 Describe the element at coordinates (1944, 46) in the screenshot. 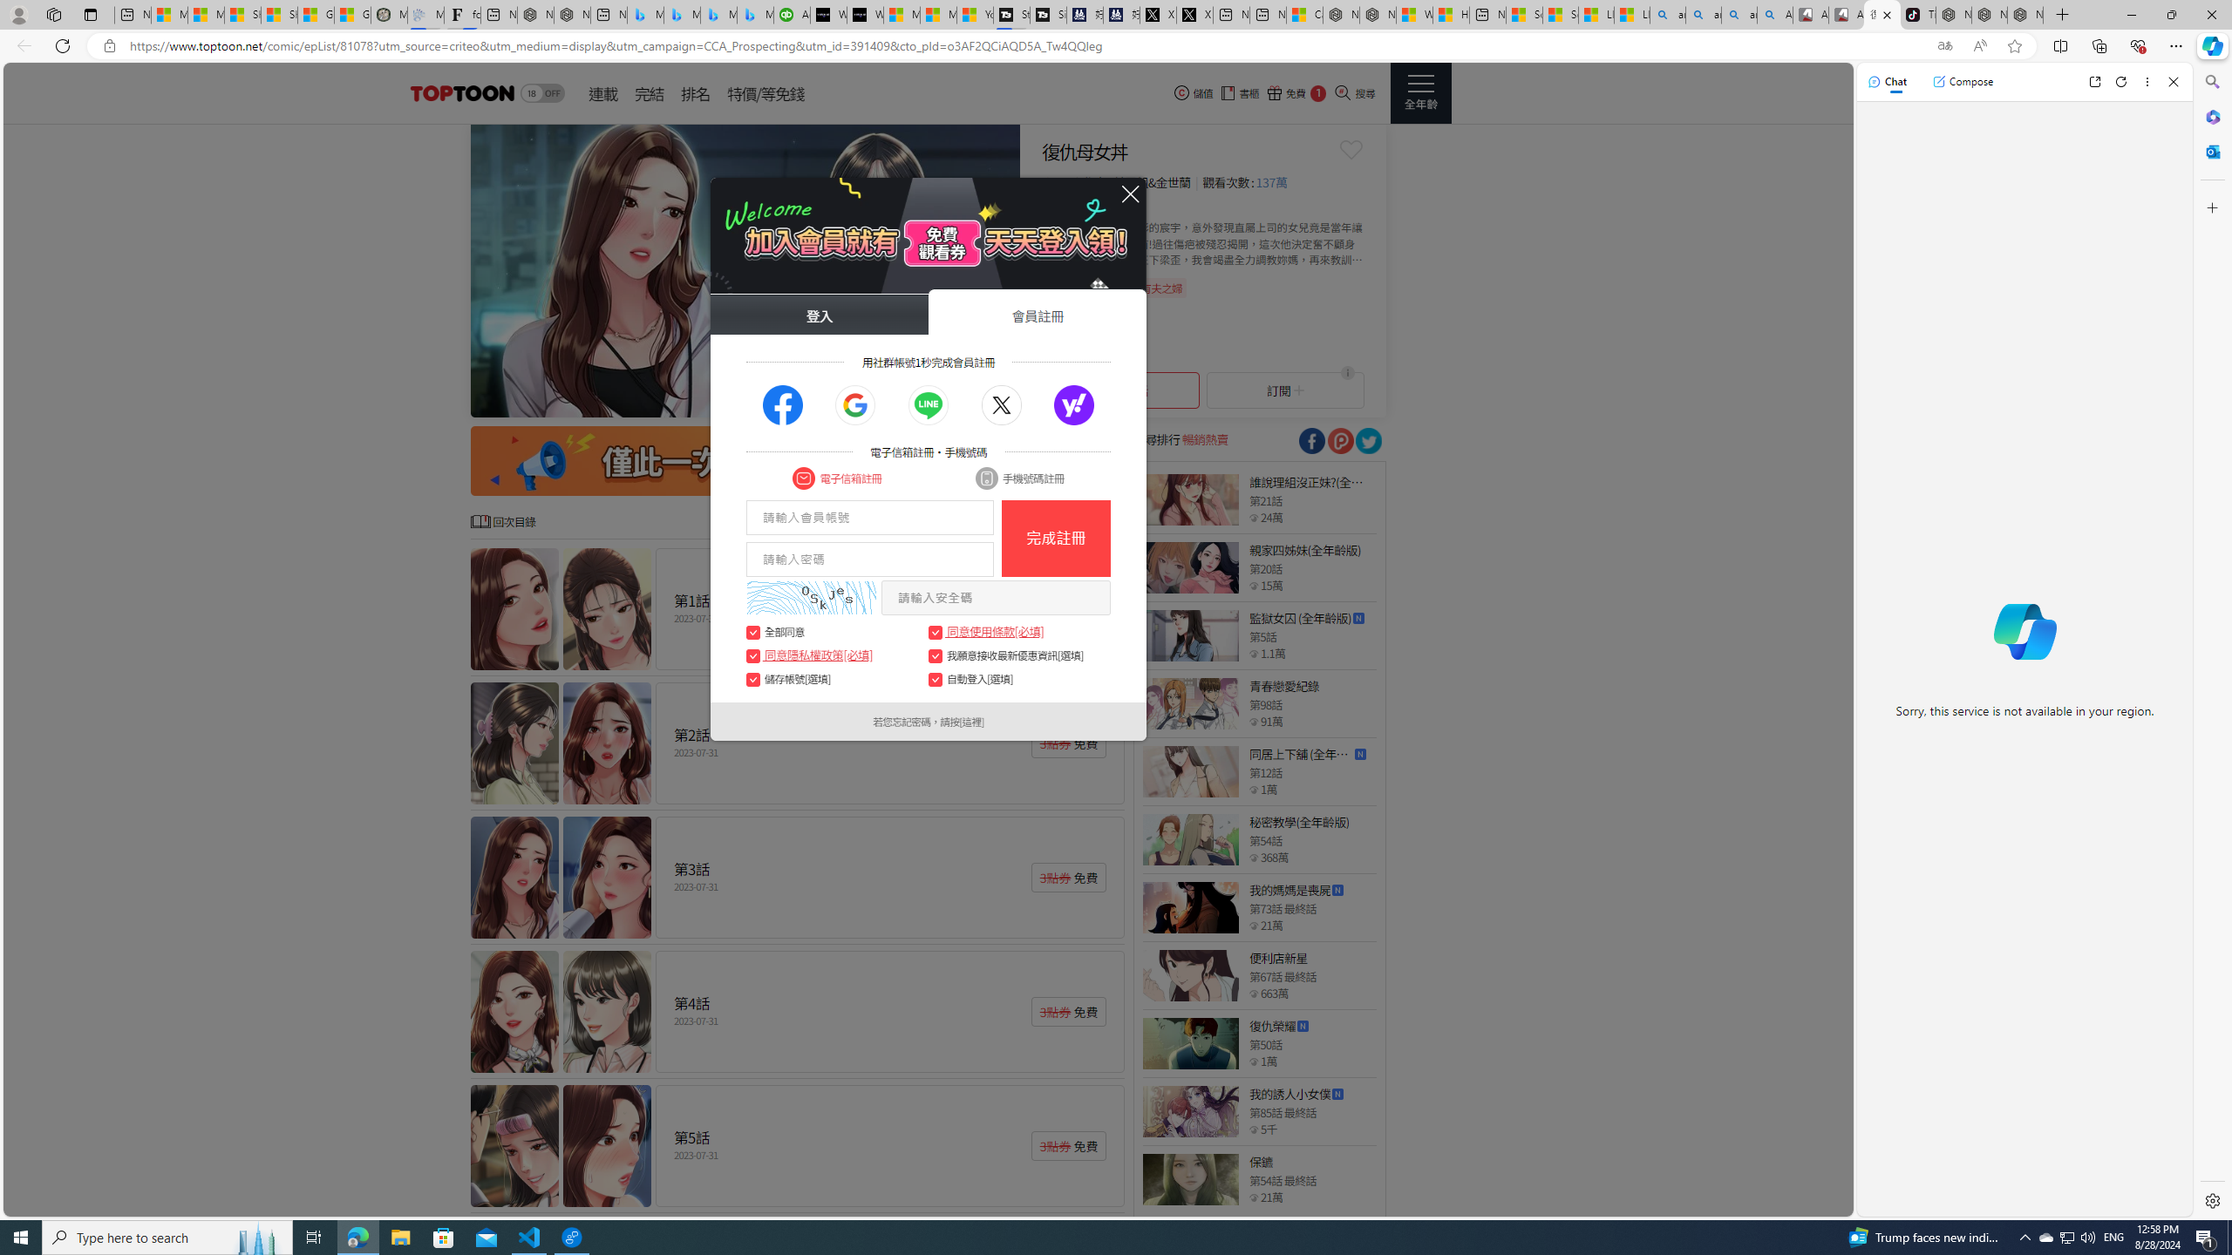

I see `'Show translate options'` at that location.